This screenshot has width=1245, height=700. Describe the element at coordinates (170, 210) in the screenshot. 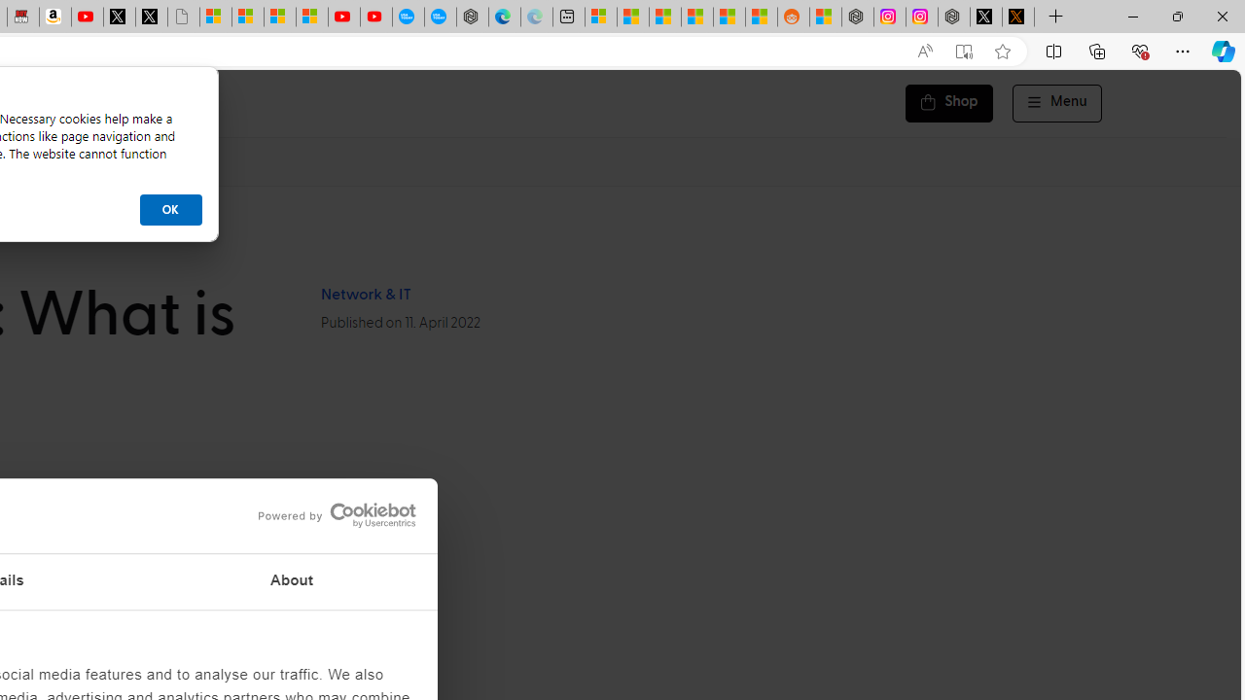

I see `'OK'` at that location.